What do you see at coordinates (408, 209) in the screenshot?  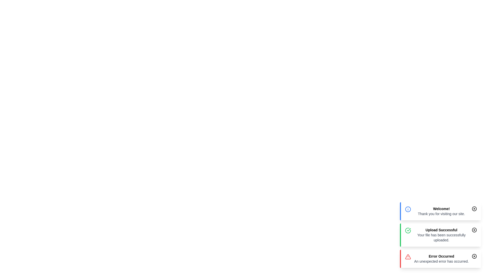 I see `the blue circular icon with an outlined border representing information or notification, located beside the 'Welcome!' text in the notification card` at bounding box center [408, 209].